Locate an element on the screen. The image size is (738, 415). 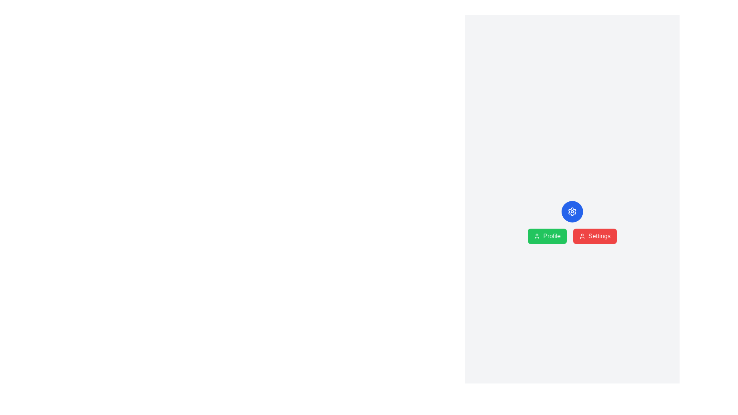
the rounded blue circular button with a white gear icon is located at coordinates (572, 212).